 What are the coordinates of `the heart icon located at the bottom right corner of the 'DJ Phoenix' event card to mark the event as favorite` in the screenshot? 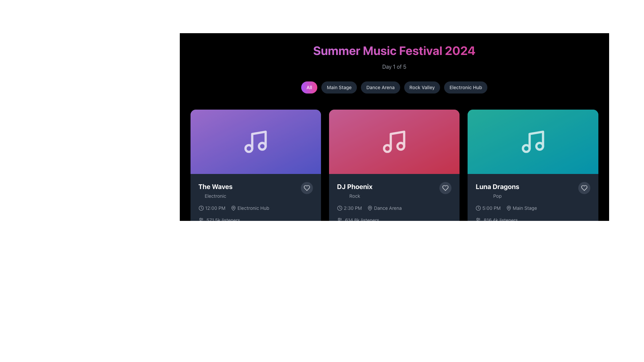 It's located at (445, 188).